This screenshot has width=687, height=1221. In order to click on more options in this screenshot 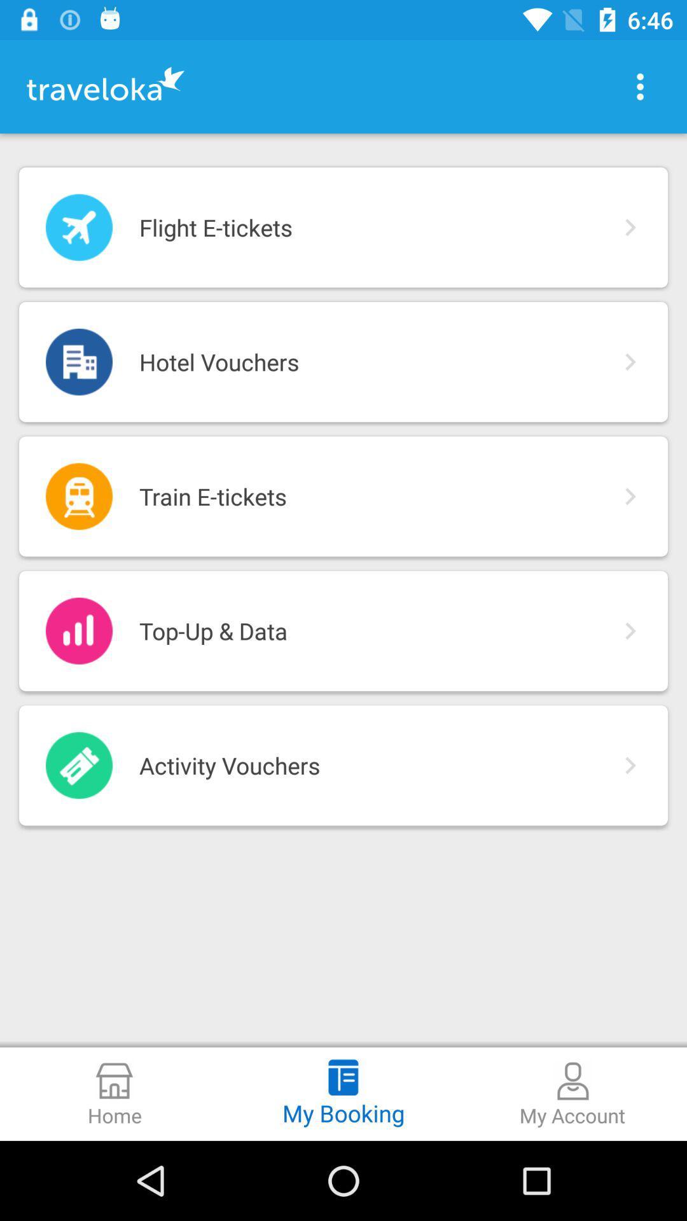, I will do `click(640, 86)`.